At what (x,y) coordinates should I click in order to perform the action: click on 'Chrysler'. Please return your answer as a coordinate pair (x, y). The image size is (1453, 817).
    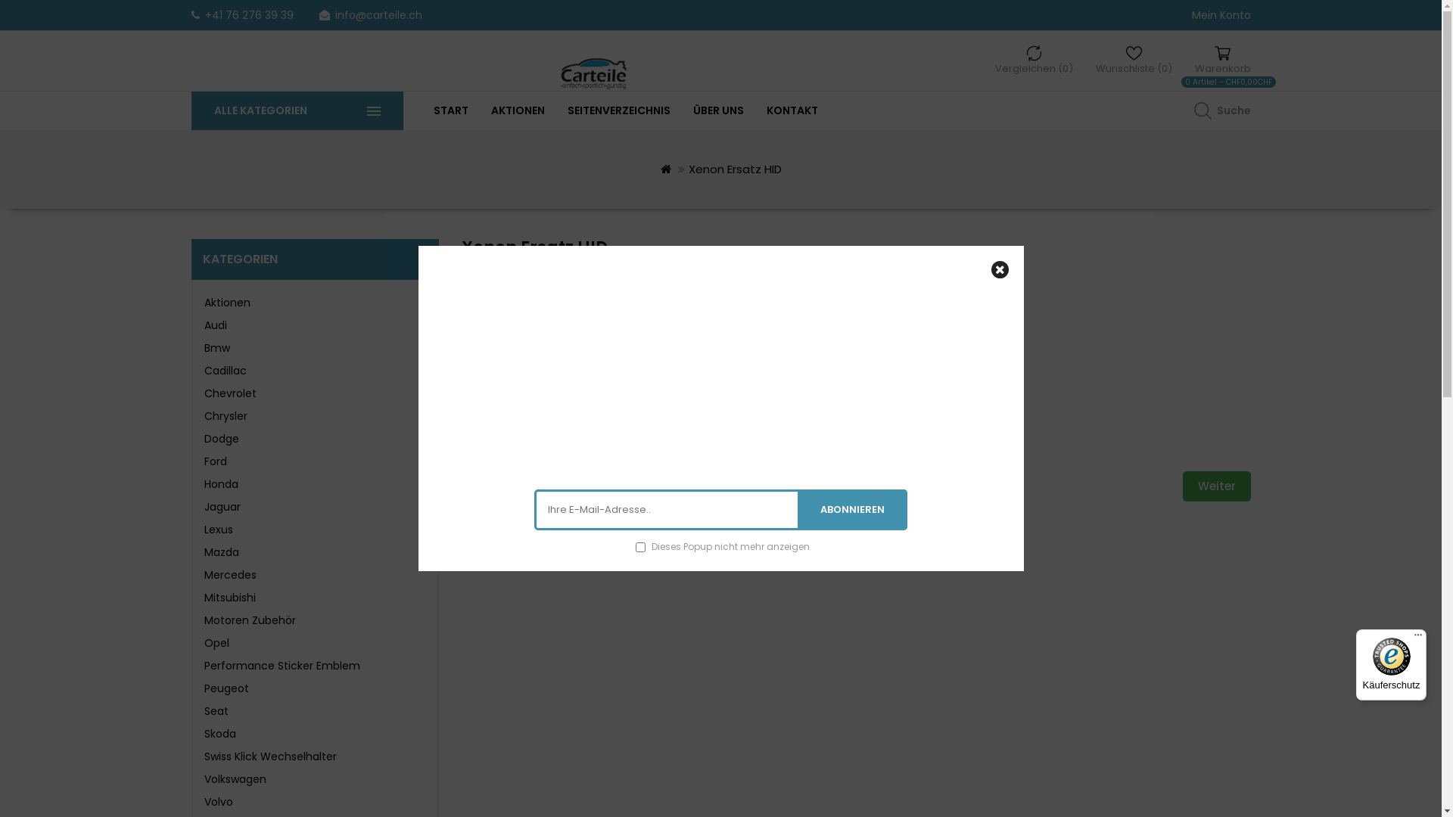
    Looking at the image, I should click on (225, 416).